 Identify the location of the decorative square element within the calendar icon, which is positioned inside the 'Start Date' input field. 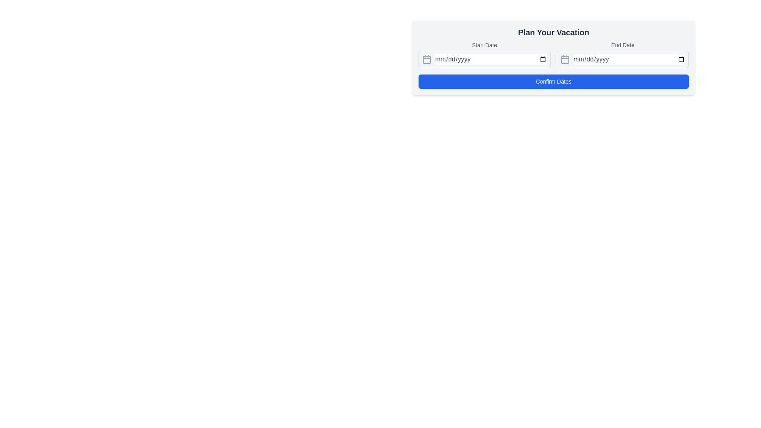
(426, 59).